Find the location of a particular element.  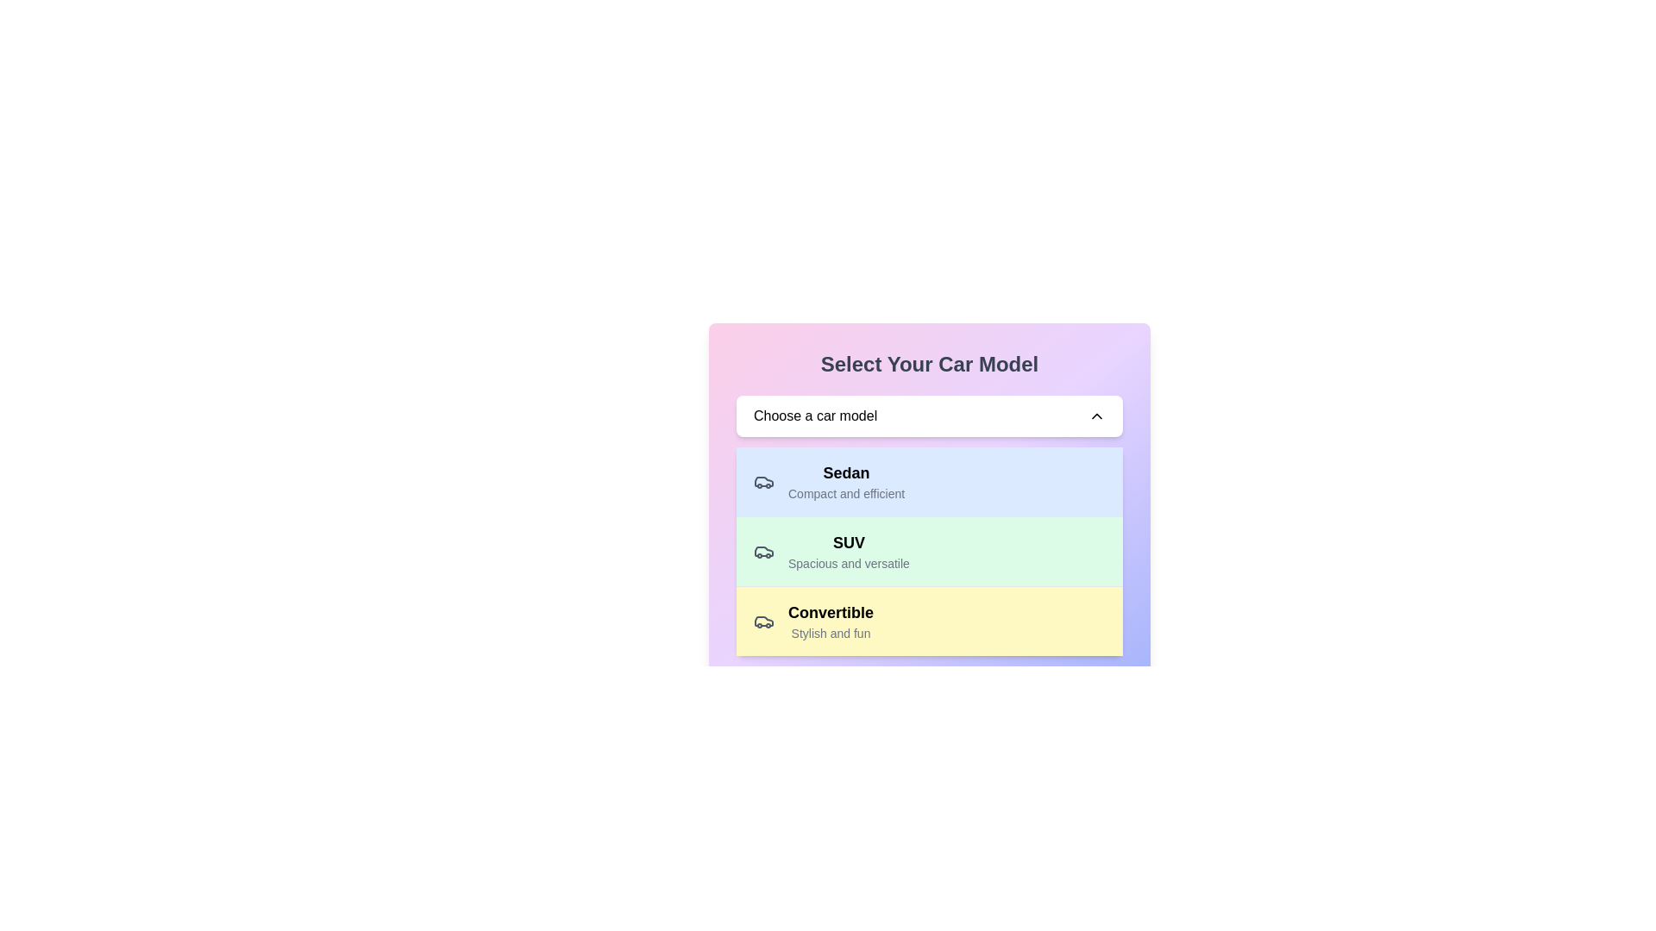

the descriptive text element located below the 'SUV' label in the 'Select Your Car Model' section, which provides additional information about the spaciousness and versatility of the SUV option is located at coordinates (849, 564).